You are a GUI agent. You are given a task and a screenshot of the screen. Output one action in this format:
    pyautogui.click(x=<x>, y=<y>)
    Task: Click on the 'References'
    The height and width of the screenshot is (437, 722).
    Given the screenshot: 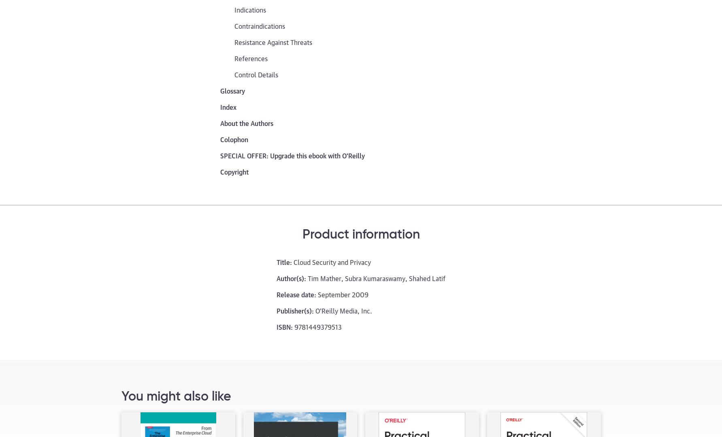 What is the action you would take?
    pyautogui.click(x=251, y=57)
    